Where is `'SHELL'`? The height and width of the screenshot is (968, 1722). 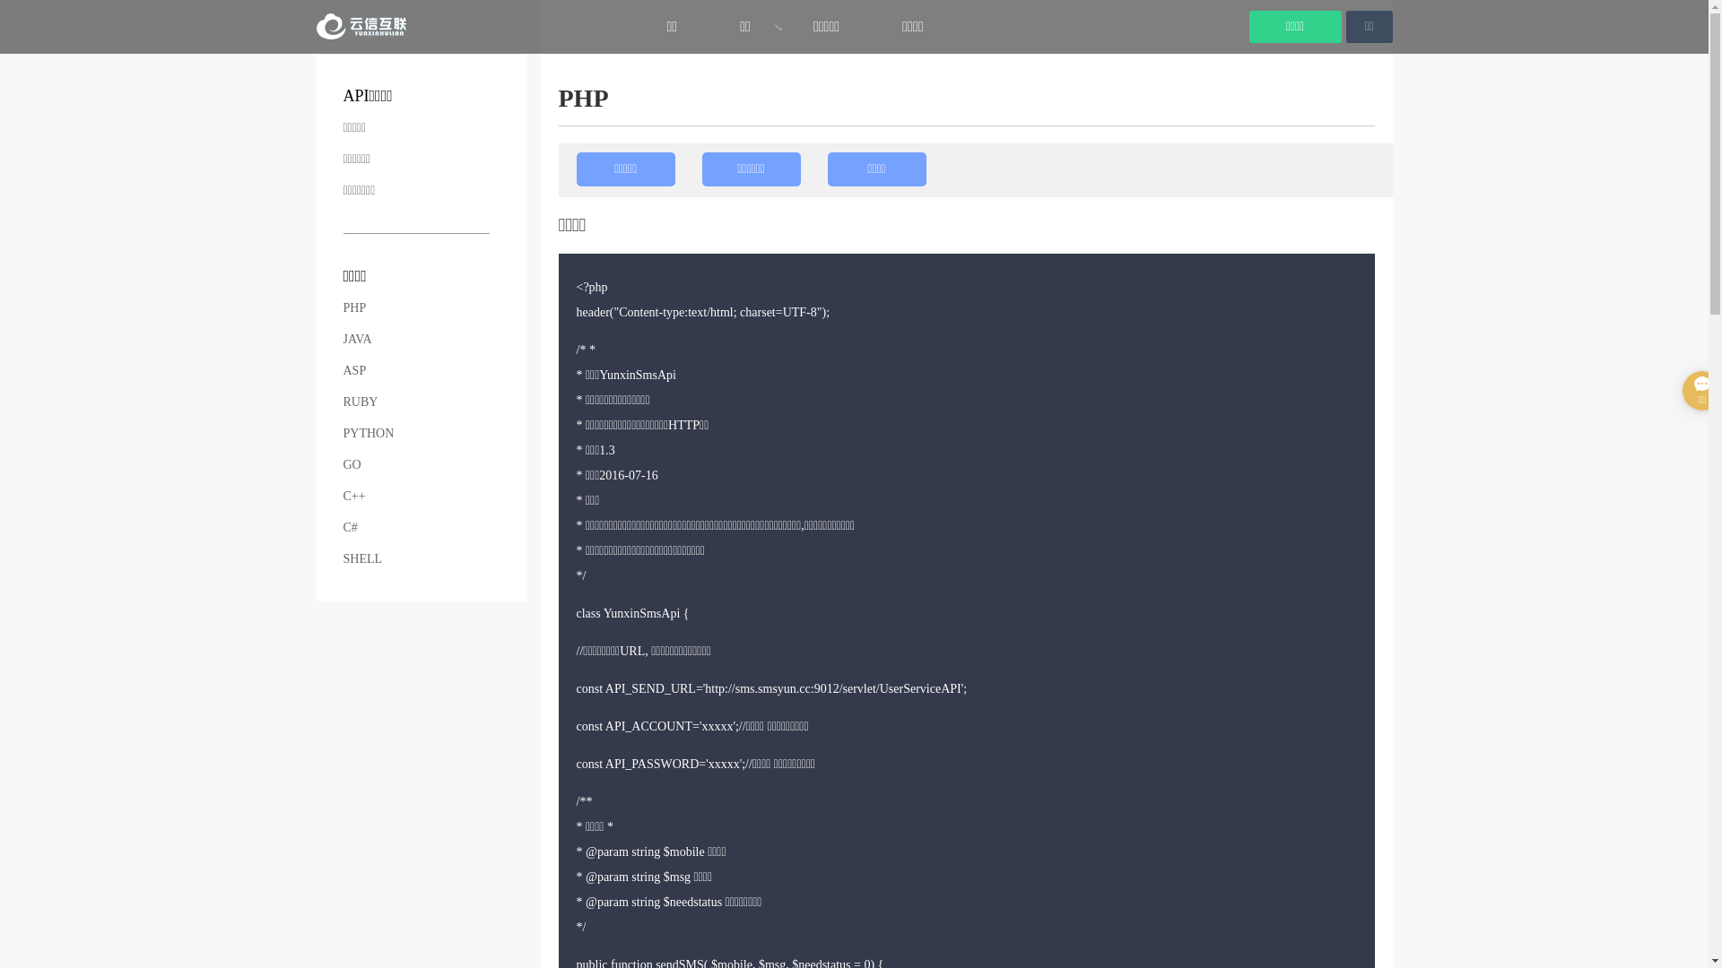 'SHELL' is located at coordinates (361, 557).